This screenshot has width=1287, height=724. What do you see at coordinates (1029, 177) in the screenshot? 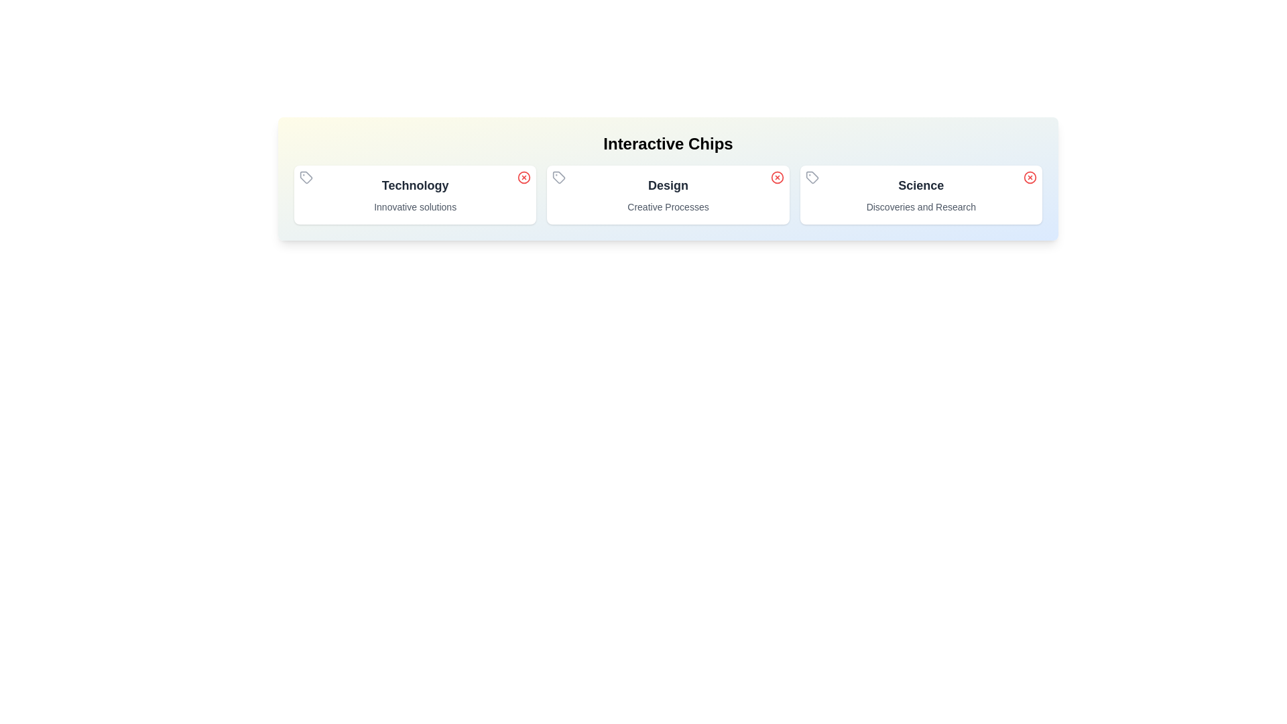
I see `the close button of the chip labeled Science to remove it` at bounding box center [1029, 177].